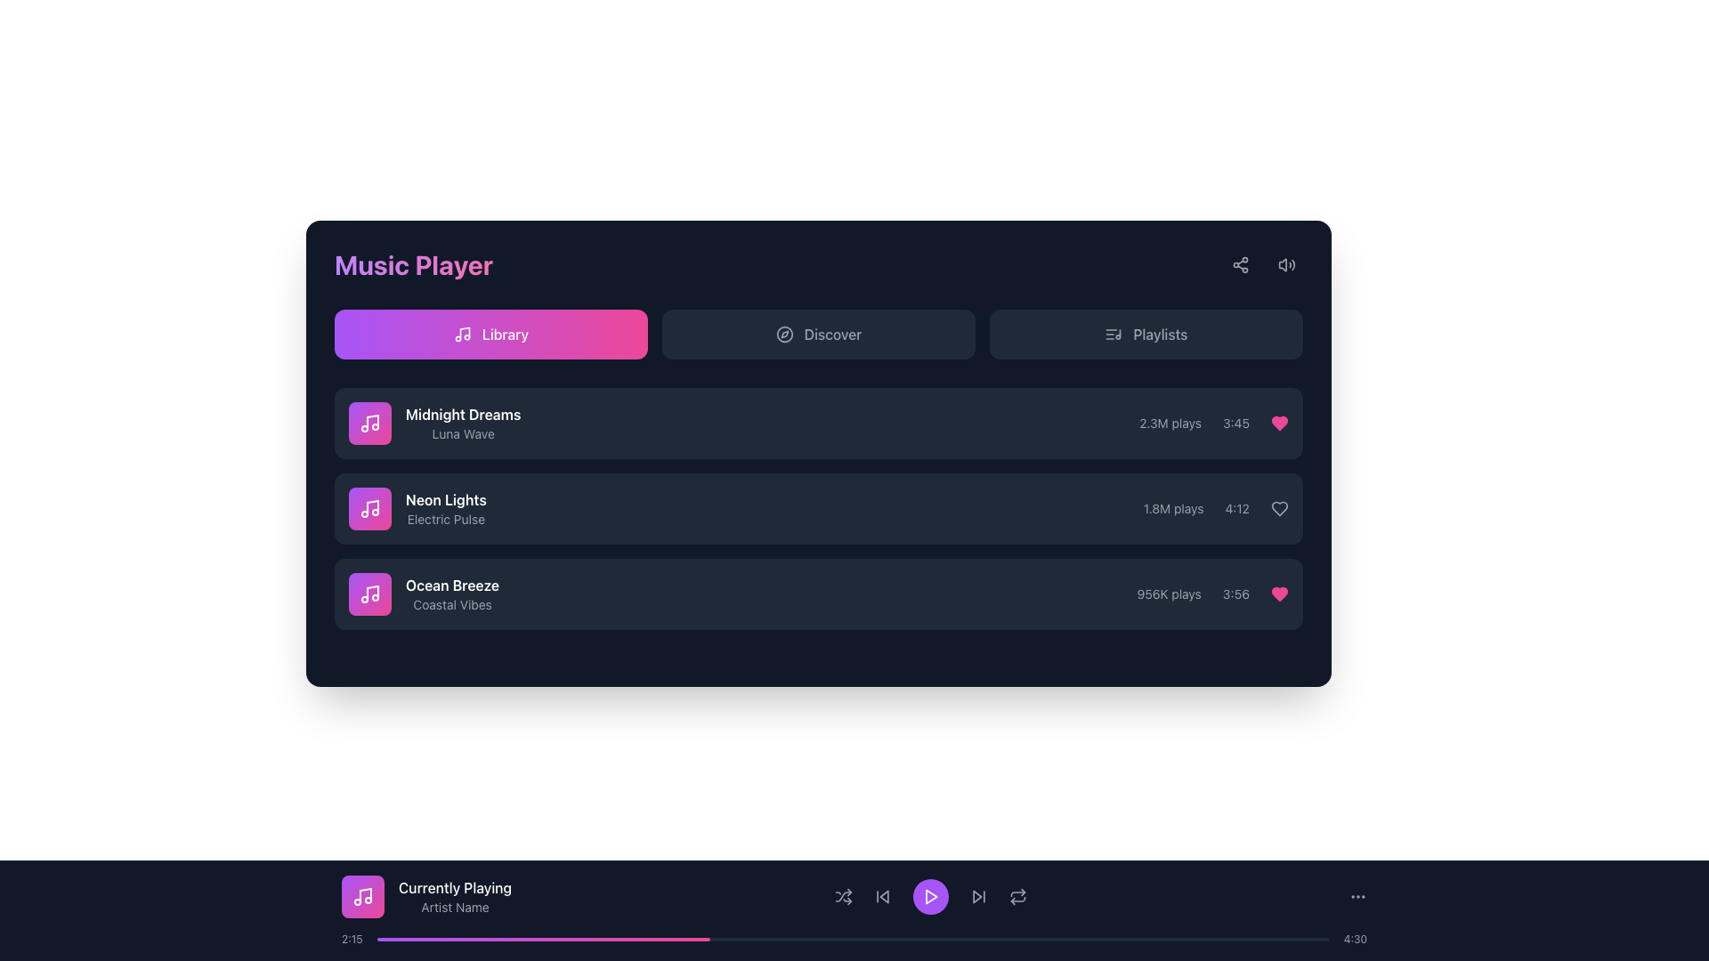  I want to click on the 'shuffle' button located in the bottom playback controls of the music player application, which is positioned immediately after the 'repeat' button and before the 'play' button, so click(842, 896).